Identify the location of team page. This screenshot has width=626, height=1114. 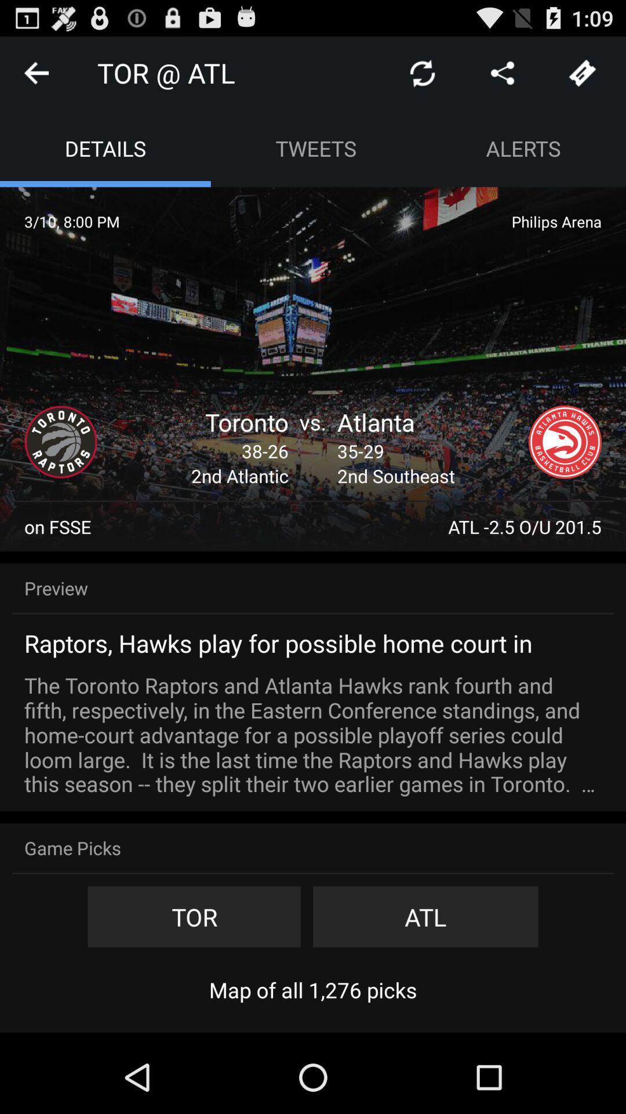
(60, 442).